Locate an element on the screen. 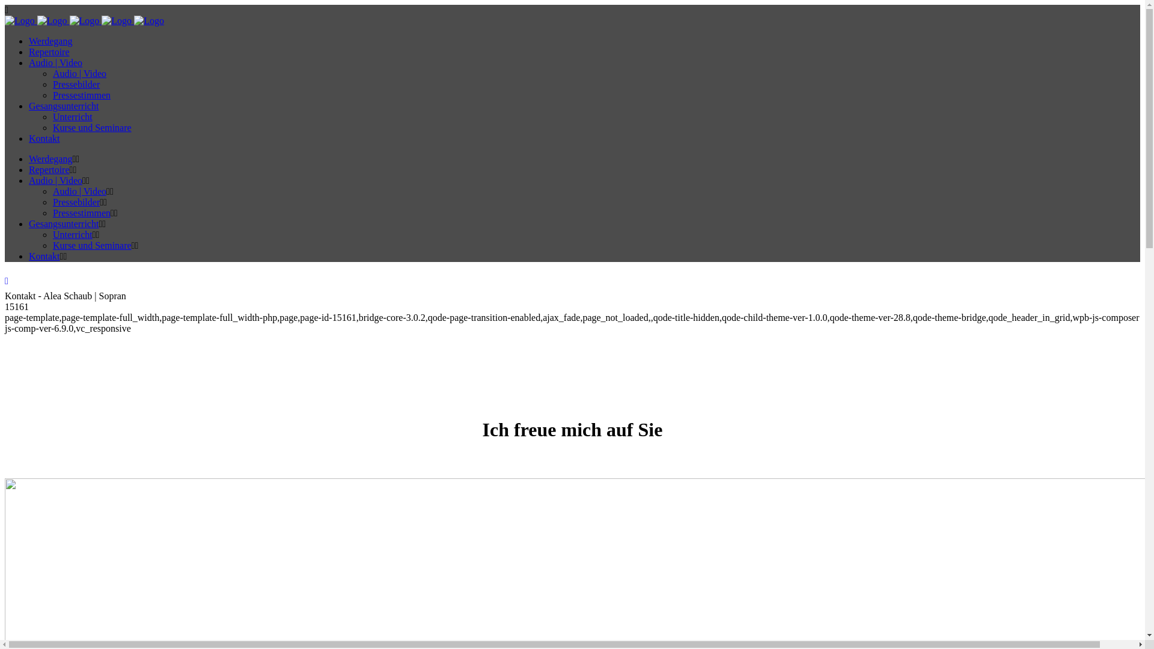  'Audio | Video' is located at coordinates (55, 62).